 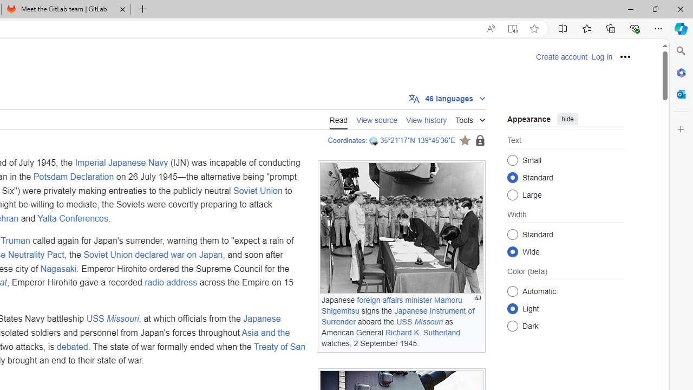 What do you see at coordinates (346, 140) in the screenshot?
I see `'Coordinates'` at bounding box center [346, 140].